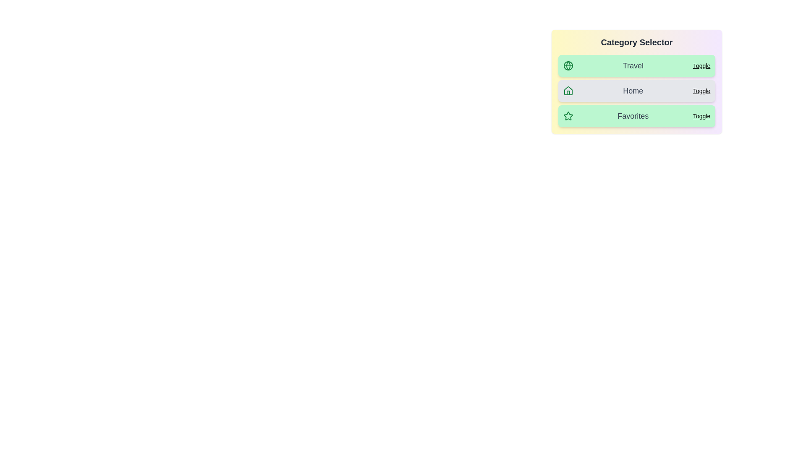  I want to click on the 'Toggle' button of the category item corresponding to Home, so click(701, 91).